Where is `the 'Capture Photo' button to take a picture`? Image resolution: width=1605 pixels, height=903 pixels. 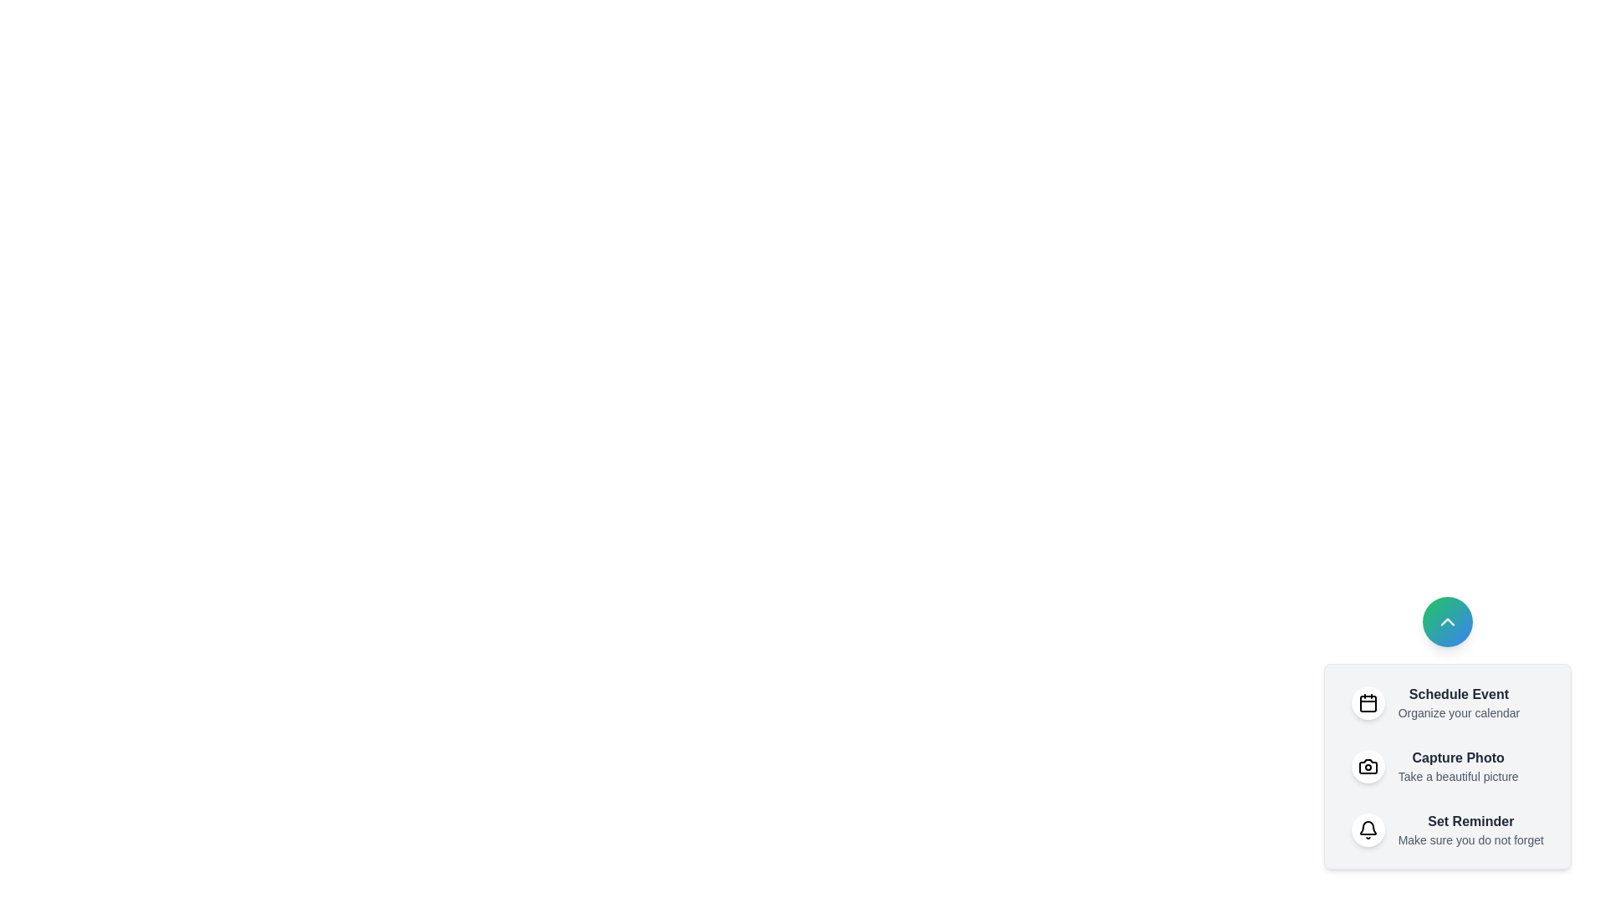
the 'Capture Photo' button to take a picture is located at coordinates (1446, 767).